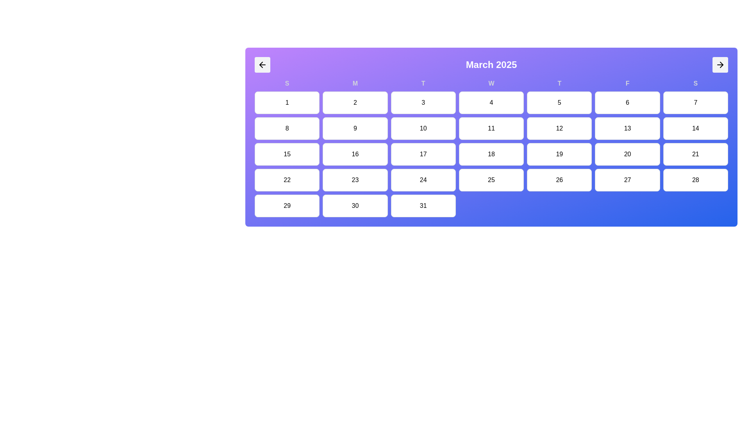  I want to click on the button representing the date '14' in the calendar interface, so click(695, 128).